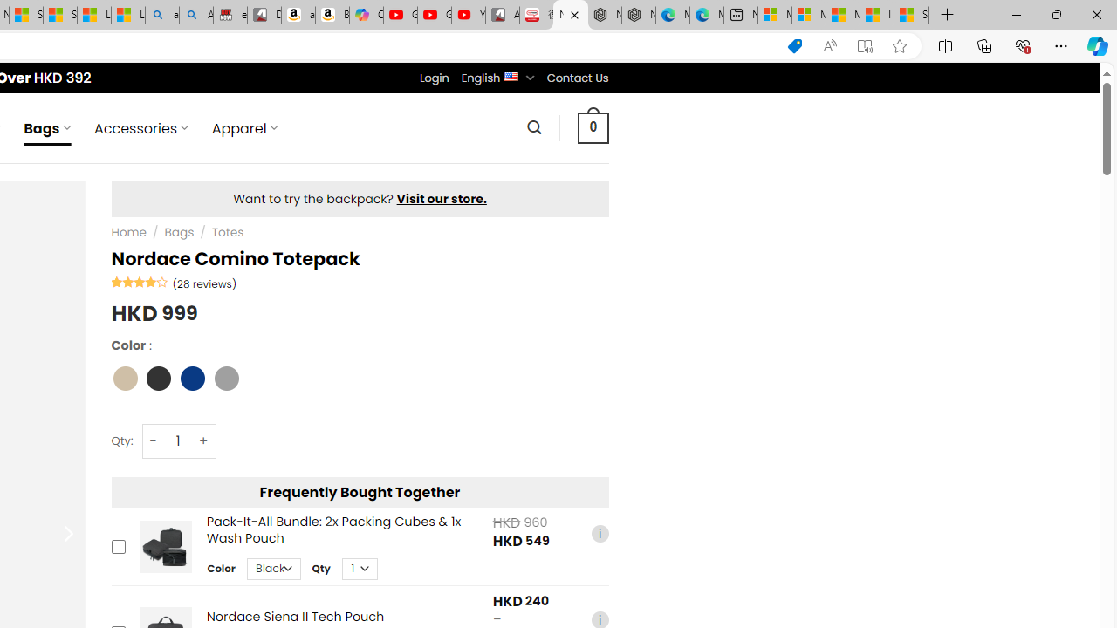 The height and width of the screenshot is (628, 1117). What do you see at coordinates (227, 232) in the screenshot?
I see `'Totes'` at bounding box center [227, 232].